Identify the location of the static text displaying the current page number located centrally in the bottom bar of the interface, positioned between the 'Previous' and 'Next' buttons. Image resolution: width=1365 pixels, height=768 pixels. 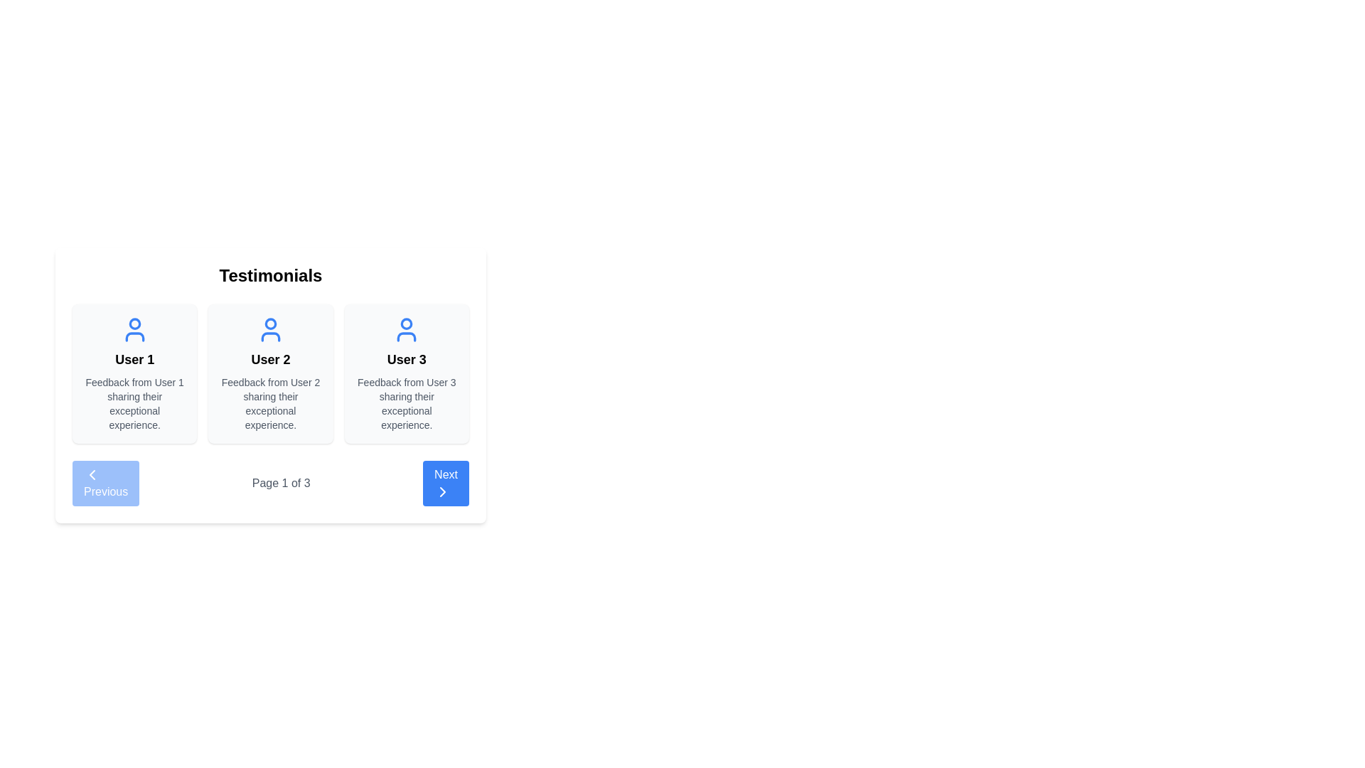
(281, 482).